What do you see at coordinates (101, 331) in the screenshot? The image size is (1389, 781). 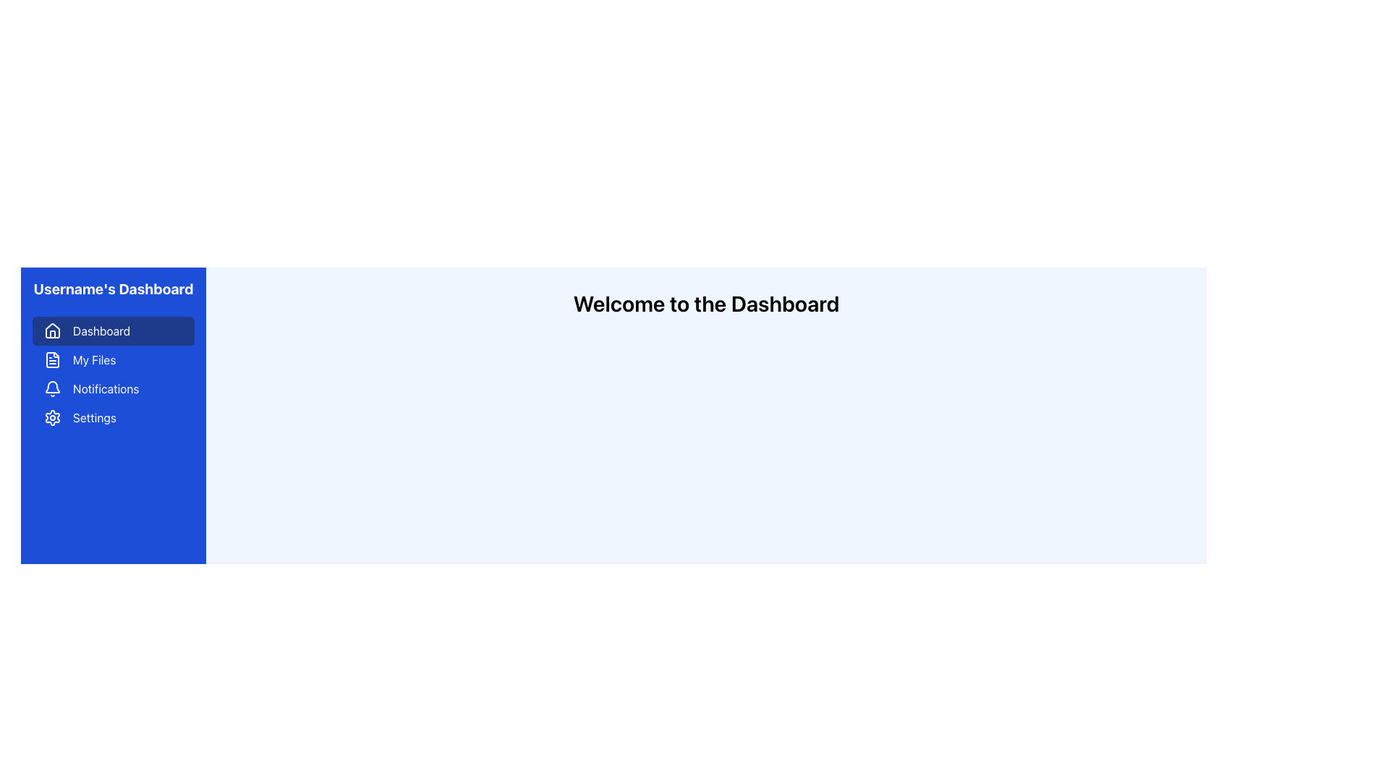 I see `the 'Dashboard' text label located in the left navigation menu, which is styled in a default font and positioned next to a house icon` at bounding box center [101, 331].